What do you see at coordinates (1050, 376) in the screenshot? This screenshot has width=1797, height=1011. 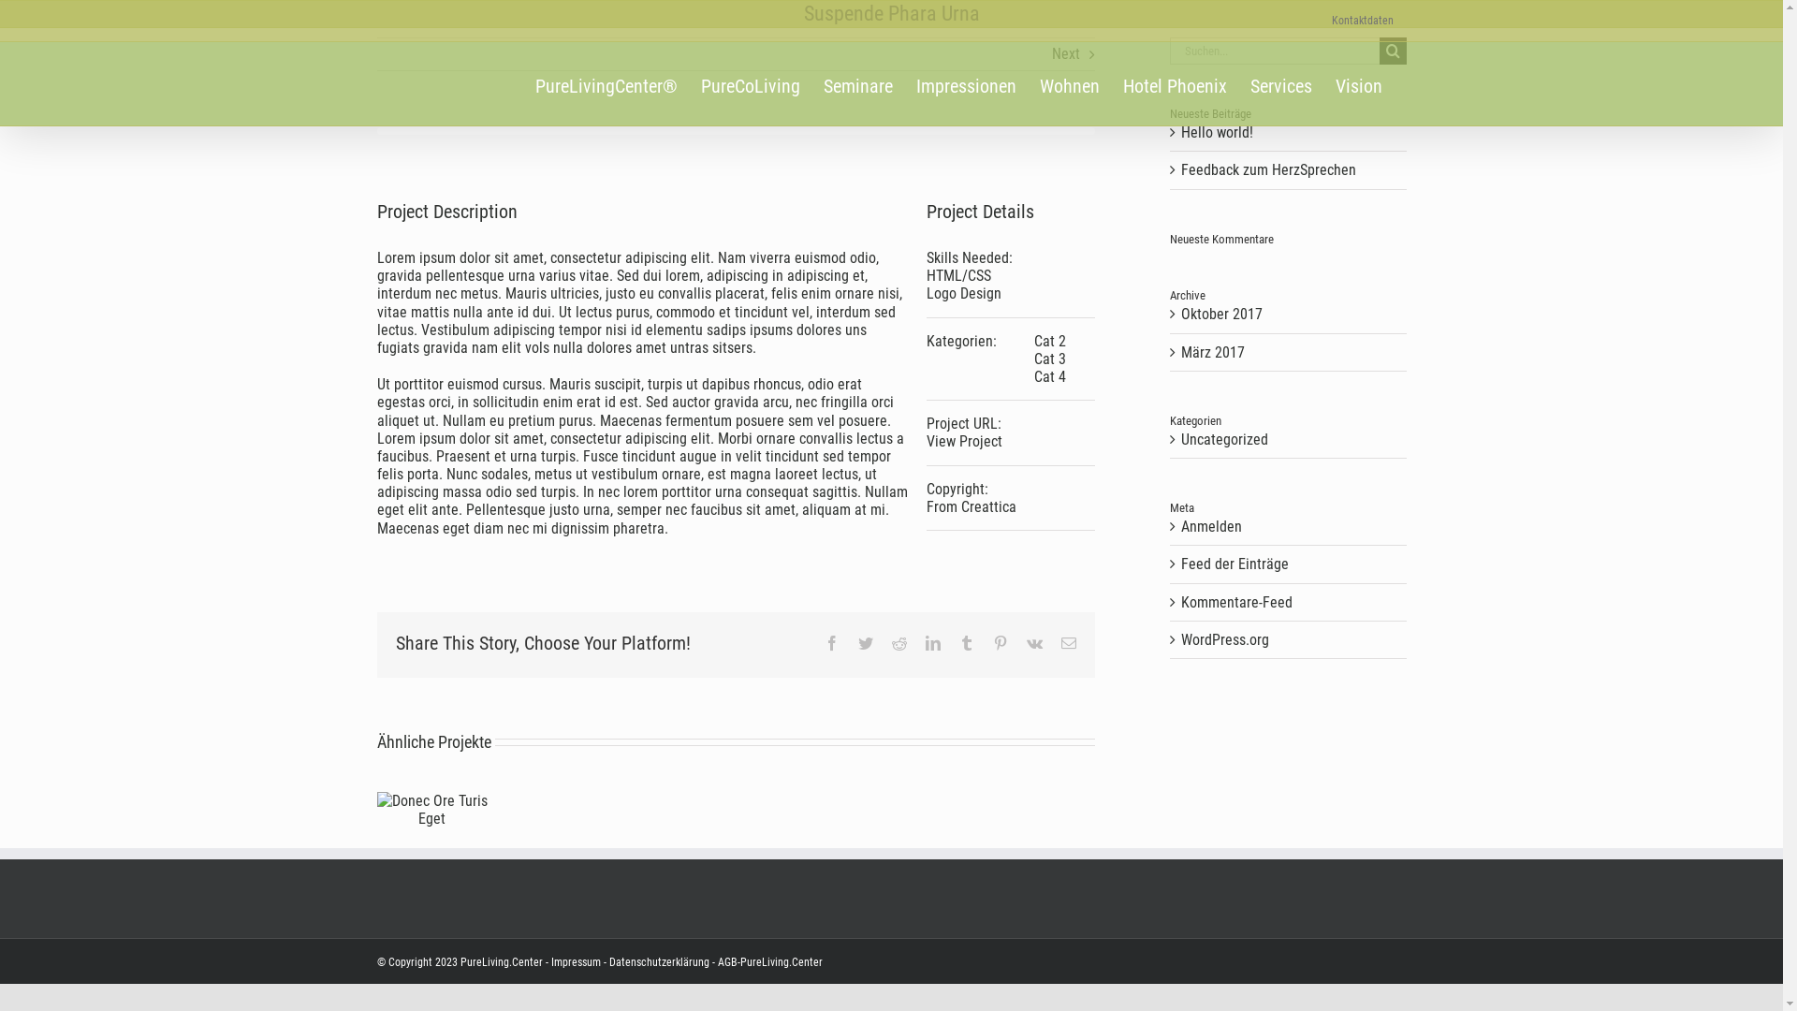 I see `'Cat 4'` at bounding box center [1050, 376].